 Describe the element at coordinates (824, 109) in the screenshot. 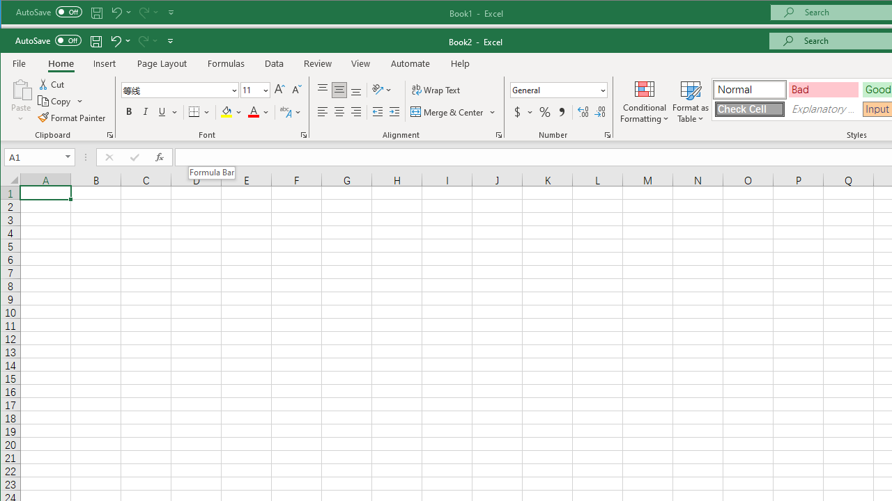

I see `'Explanatory Text'` at that location.